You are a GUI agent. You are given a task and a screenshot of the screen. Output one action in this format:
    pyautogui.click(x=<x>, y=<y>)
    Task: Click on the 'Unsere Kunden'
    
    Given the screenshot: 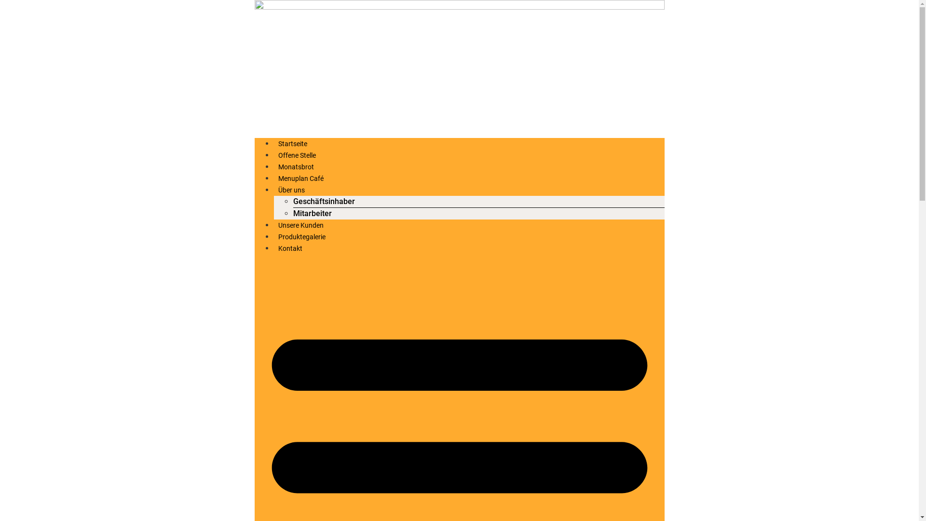 What is the action you would take?
    pyautogui.click(x=273, y=225)
    